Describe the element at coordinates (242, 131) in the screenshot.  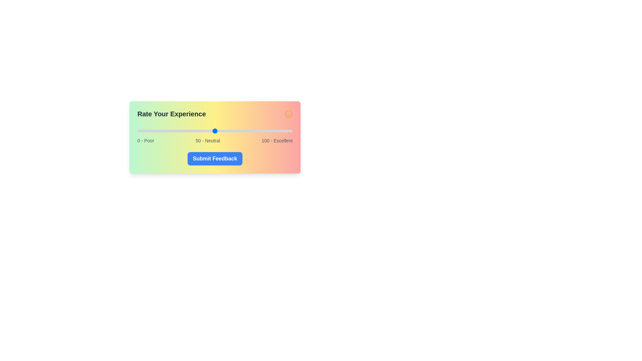
I see `the satisfaction slider to 68 value` at that location.